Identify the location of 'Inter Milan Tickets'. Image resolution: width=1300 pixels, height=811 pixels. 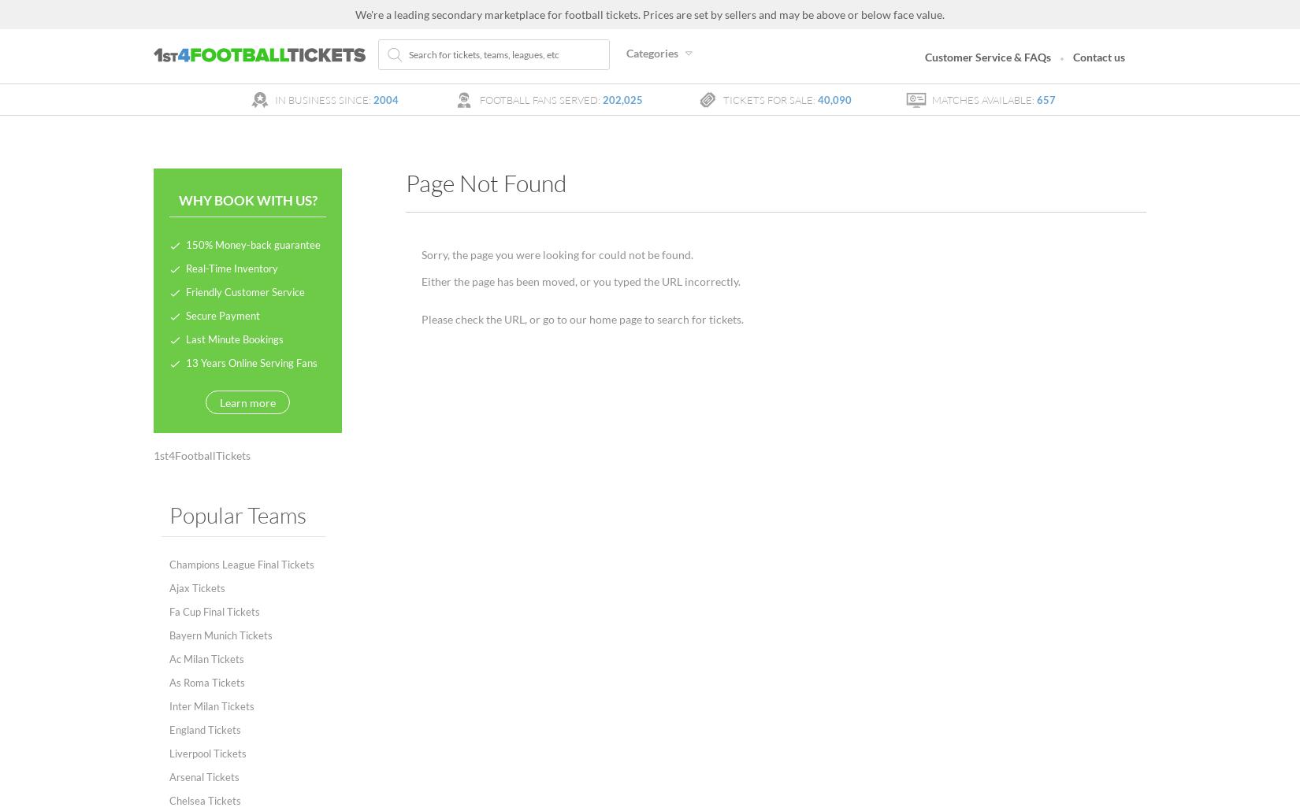
(211, 706).